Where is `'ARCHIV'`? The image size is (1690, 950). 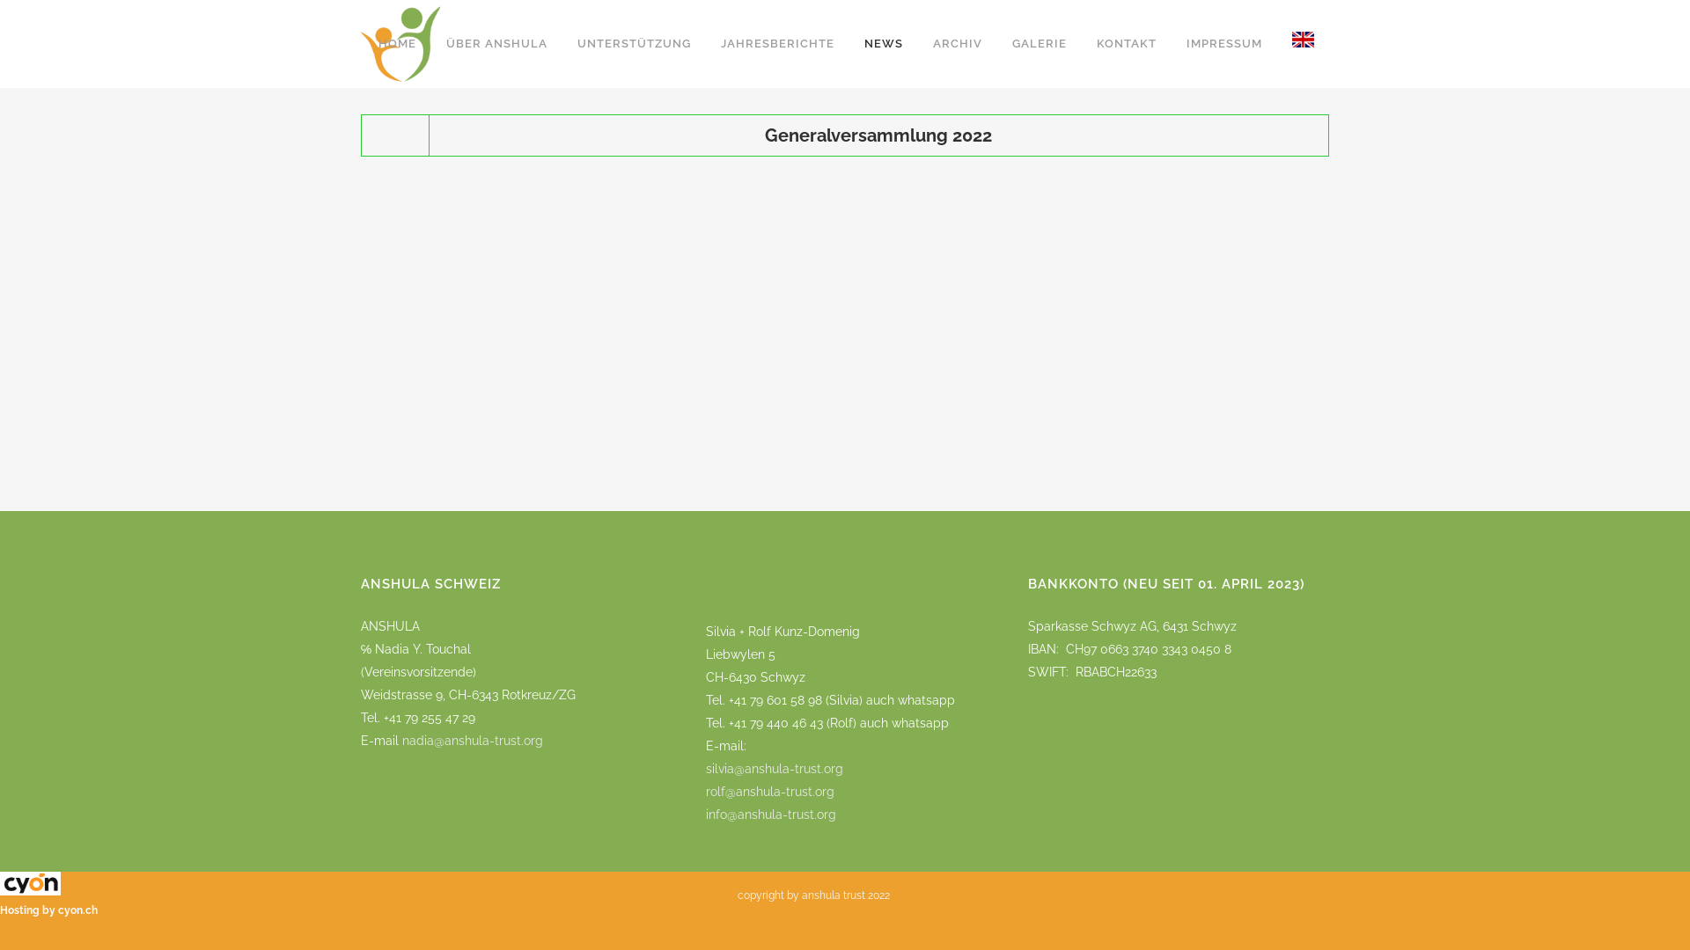 'ARCHIV' is located at coordinates (957, 43).